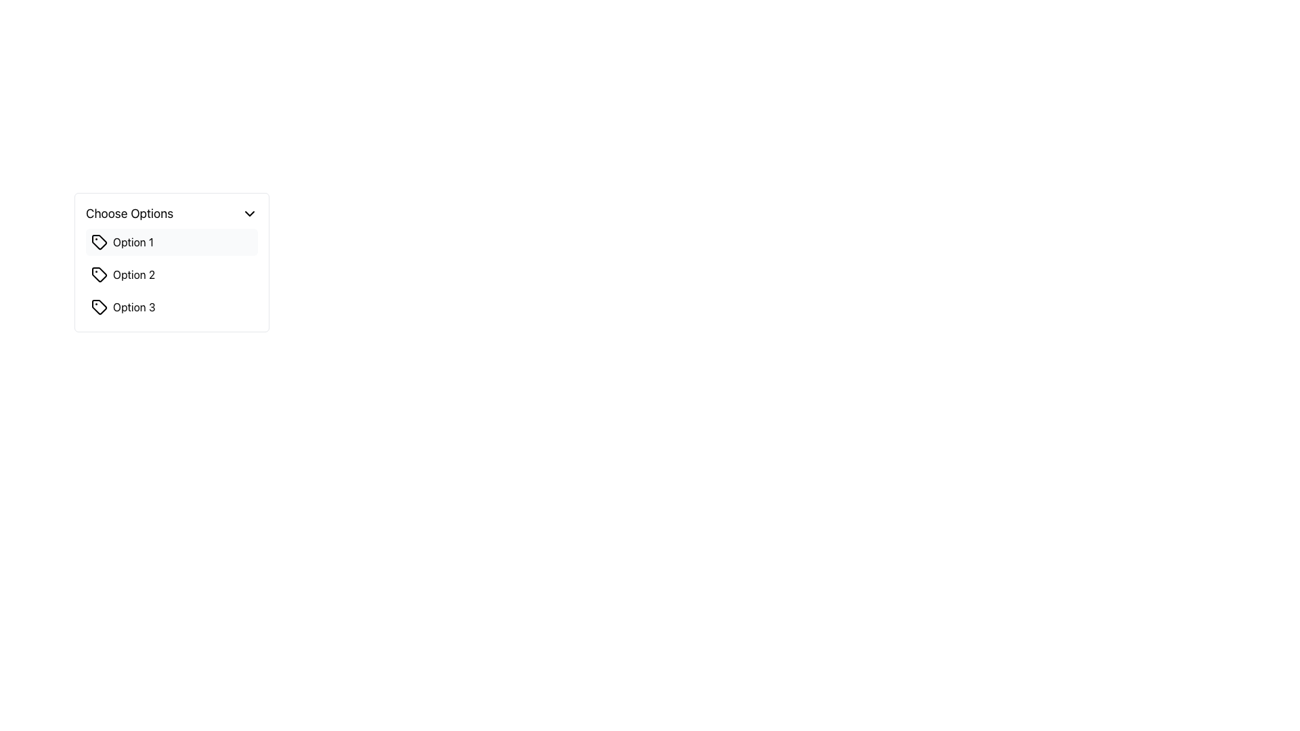  I want to click on the text 'Option 3' in the selectable menu list, which is styled in black and located at the bottom of the menu, so click(134, 307).